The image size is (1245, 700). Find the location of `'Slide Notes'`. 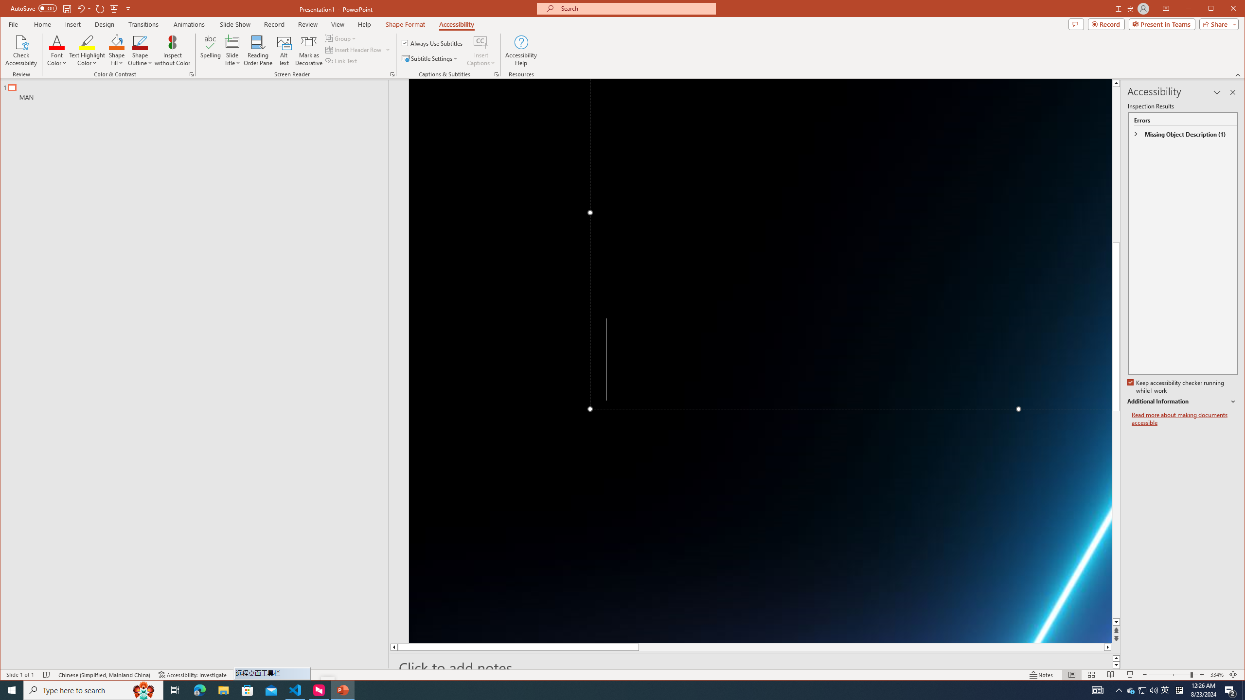

'Slide Notes' is located at coordinates (755, 667).